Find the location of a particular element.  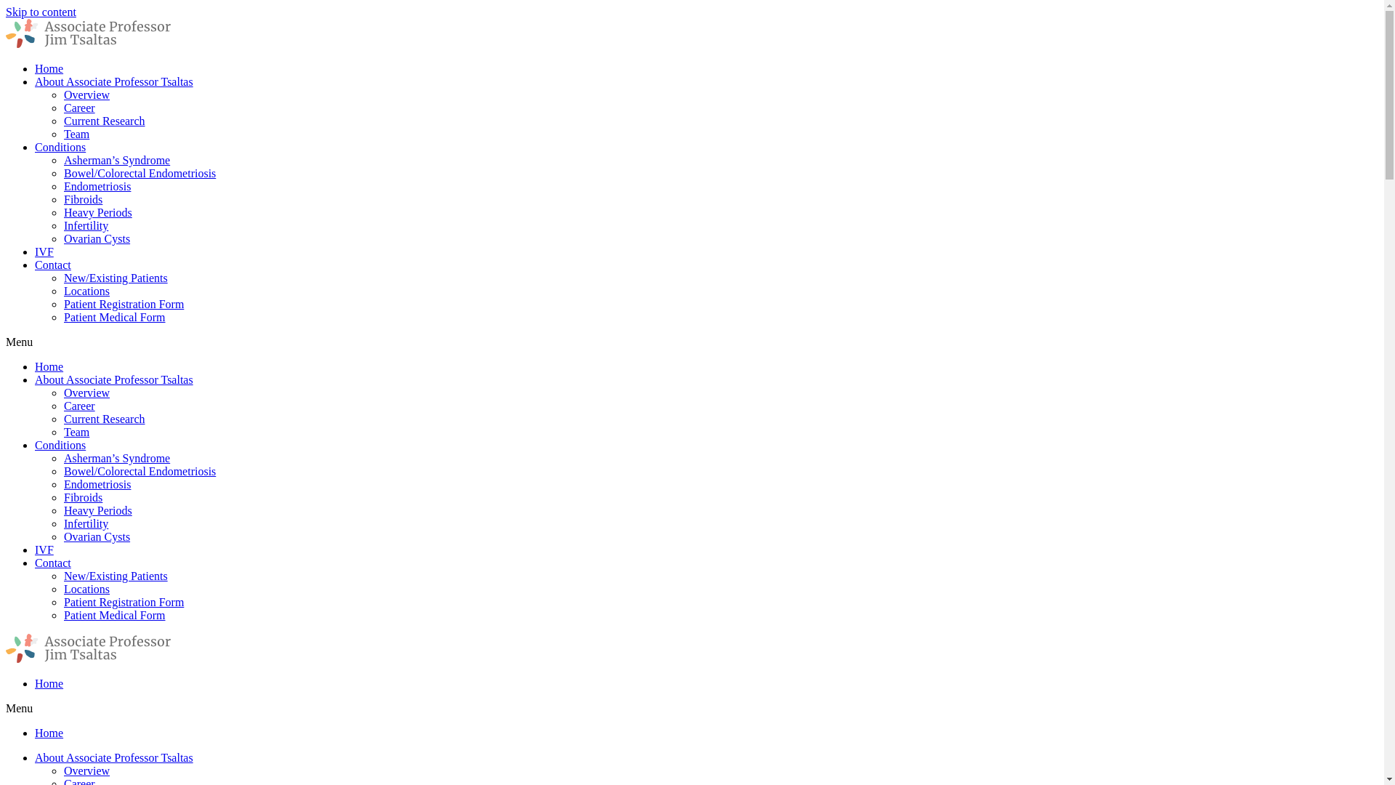

'Career' is located at coordinates (62, 406).